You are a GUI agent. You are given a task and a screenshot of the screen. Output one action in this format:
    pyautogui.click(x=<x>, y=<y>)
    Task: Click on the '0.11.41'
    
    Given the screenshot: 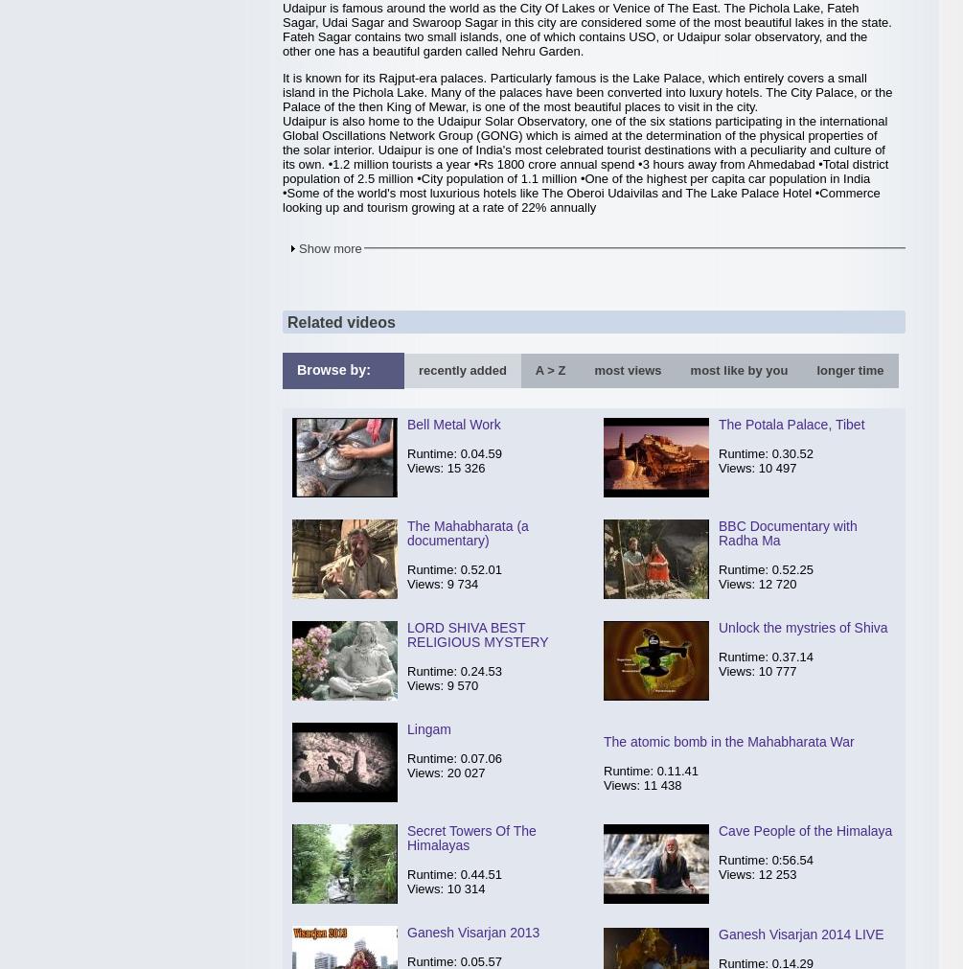 What is the action you would take?
    pyautogui.click(x=677, y=770)
    